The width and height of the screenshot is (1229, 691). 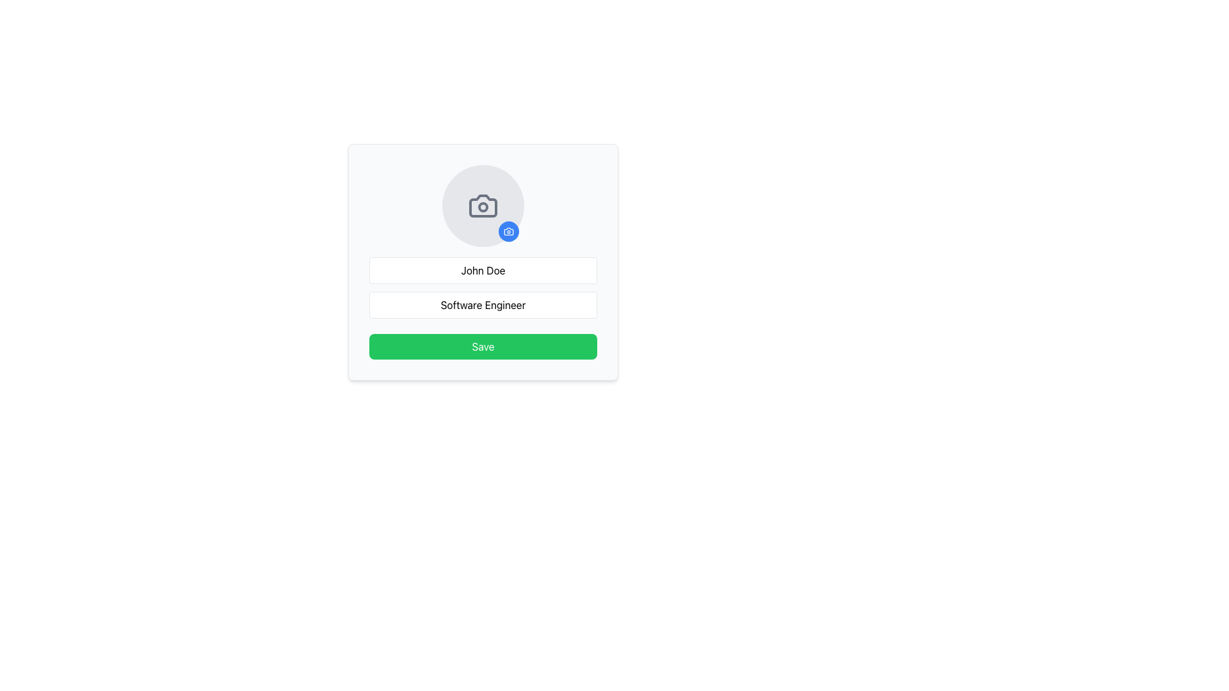 What do you see at coordinates (482, 207) in the screenshot?
I see `the central circular feature of the camera icon in the avatar editing interface` at bounding box center [482, 207].